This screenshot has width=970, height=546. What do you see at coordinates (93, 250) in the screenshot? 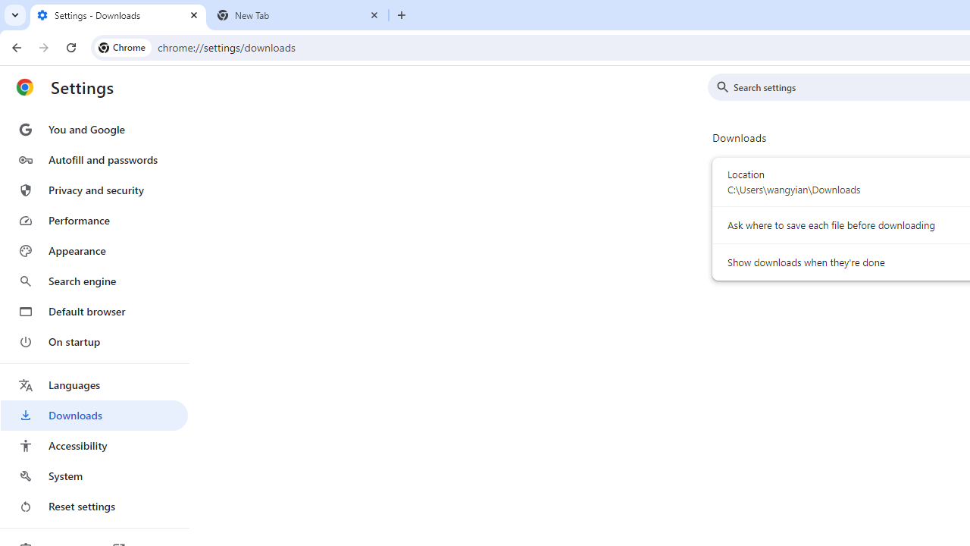
I see `'Appearance'` at bounding box center [93, 250].